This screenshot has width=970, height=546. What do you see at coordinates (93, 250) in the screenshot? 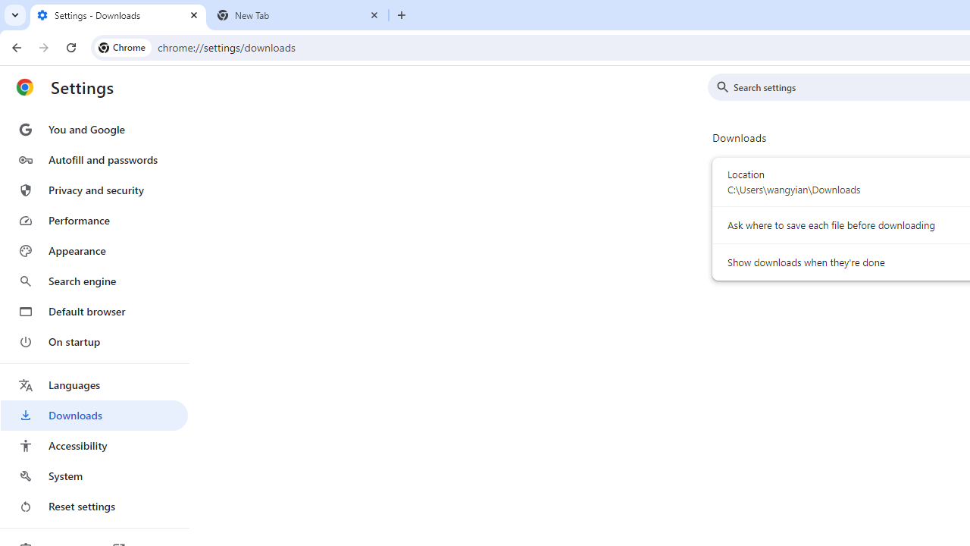
I see `'Appearance'` at bounding box center [93, 250].